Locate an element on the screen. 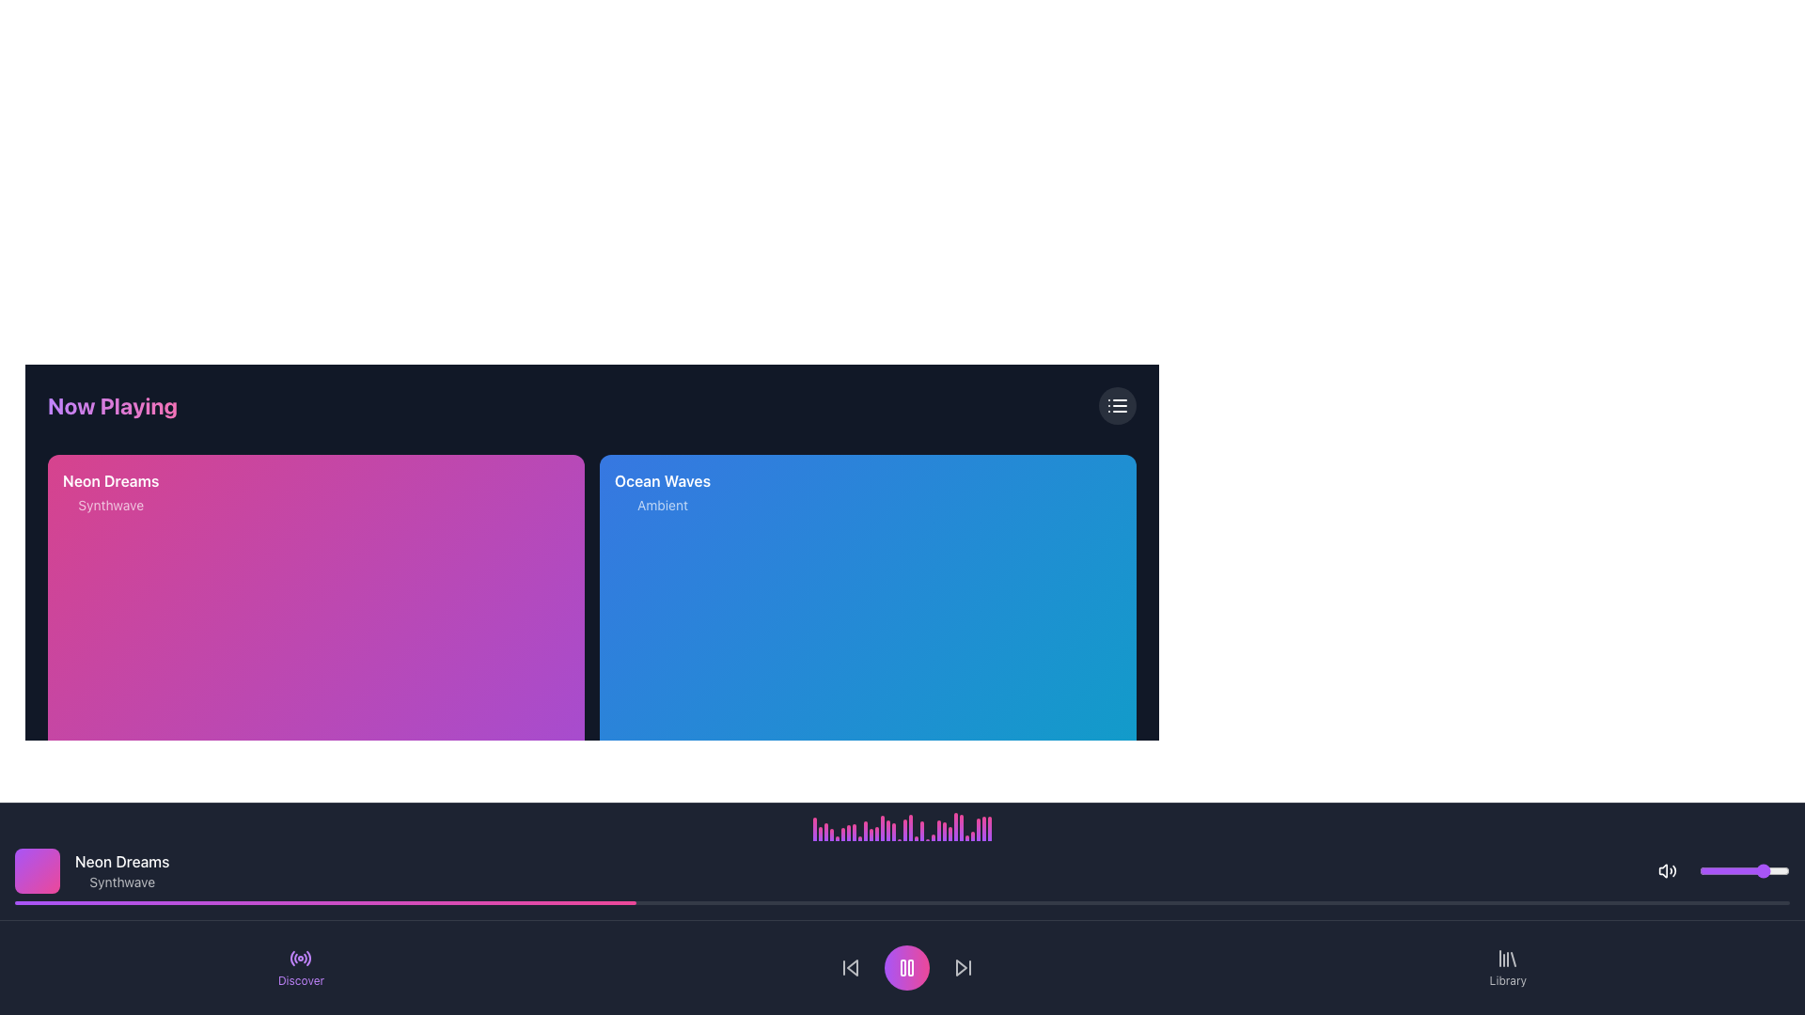  the 'Discover' button located in the bottom-left corner of the horizontal navigation bar is located at coordinates (301, 967).